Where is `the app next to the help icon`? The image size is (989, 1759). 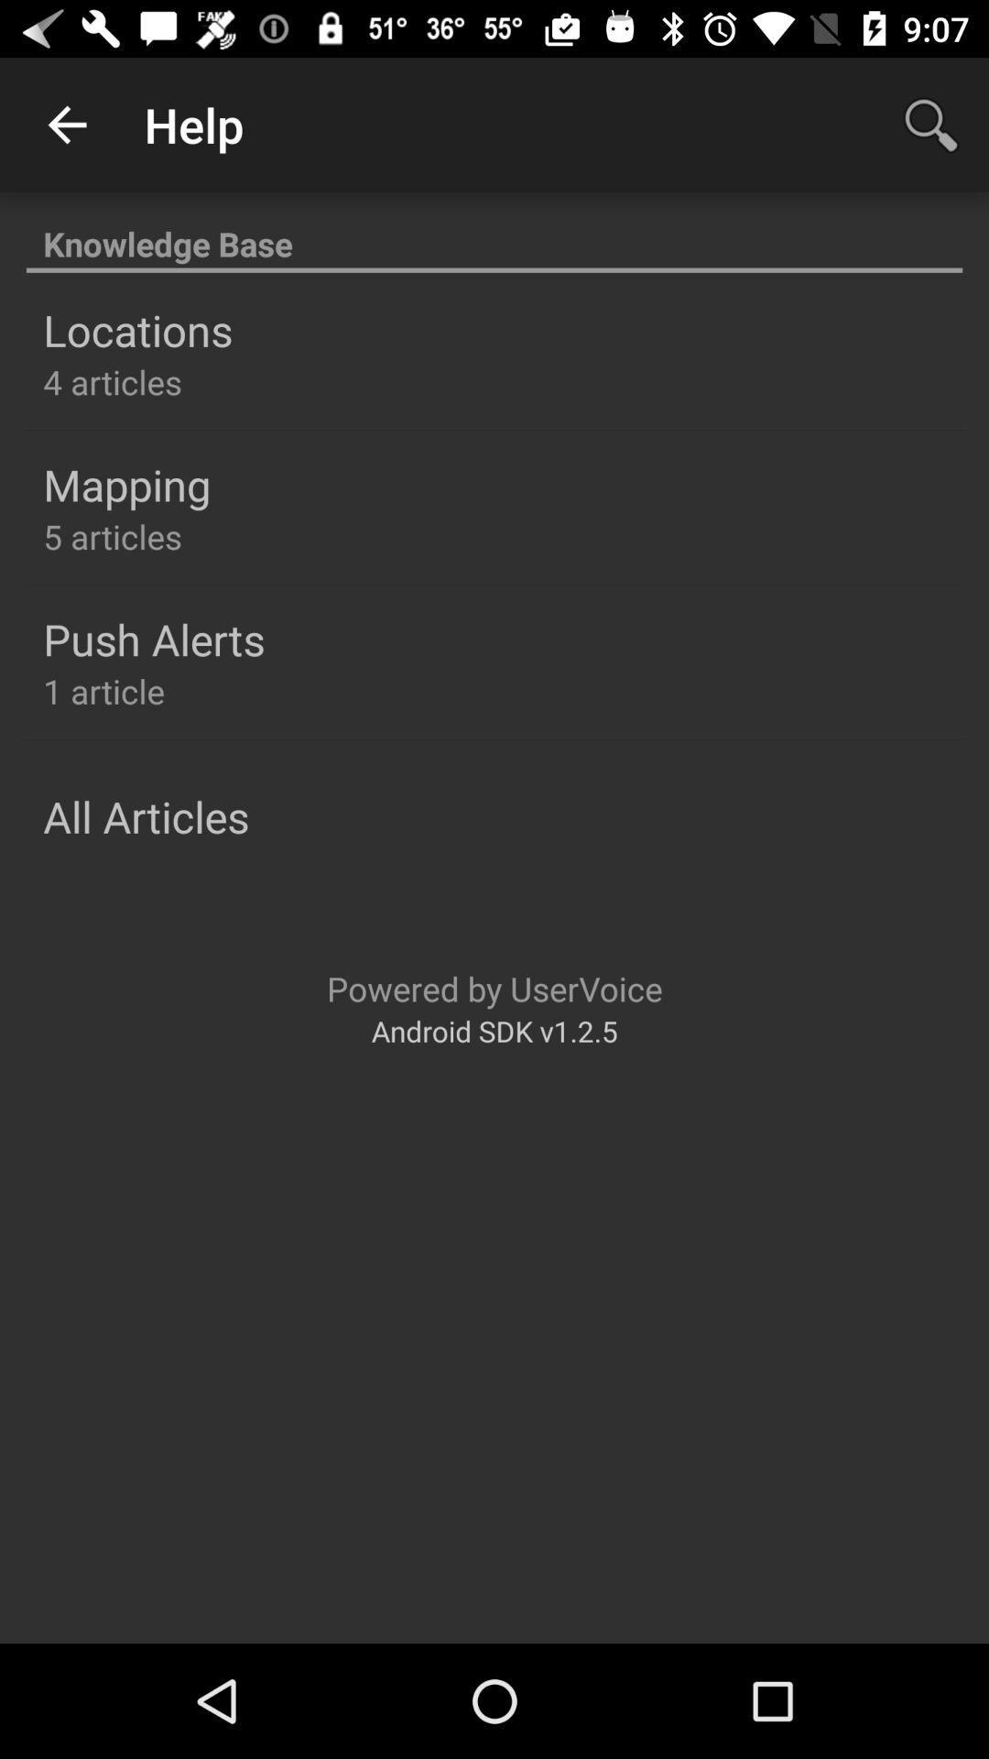 the app next to the help icon is located at coordinates (66, 124).